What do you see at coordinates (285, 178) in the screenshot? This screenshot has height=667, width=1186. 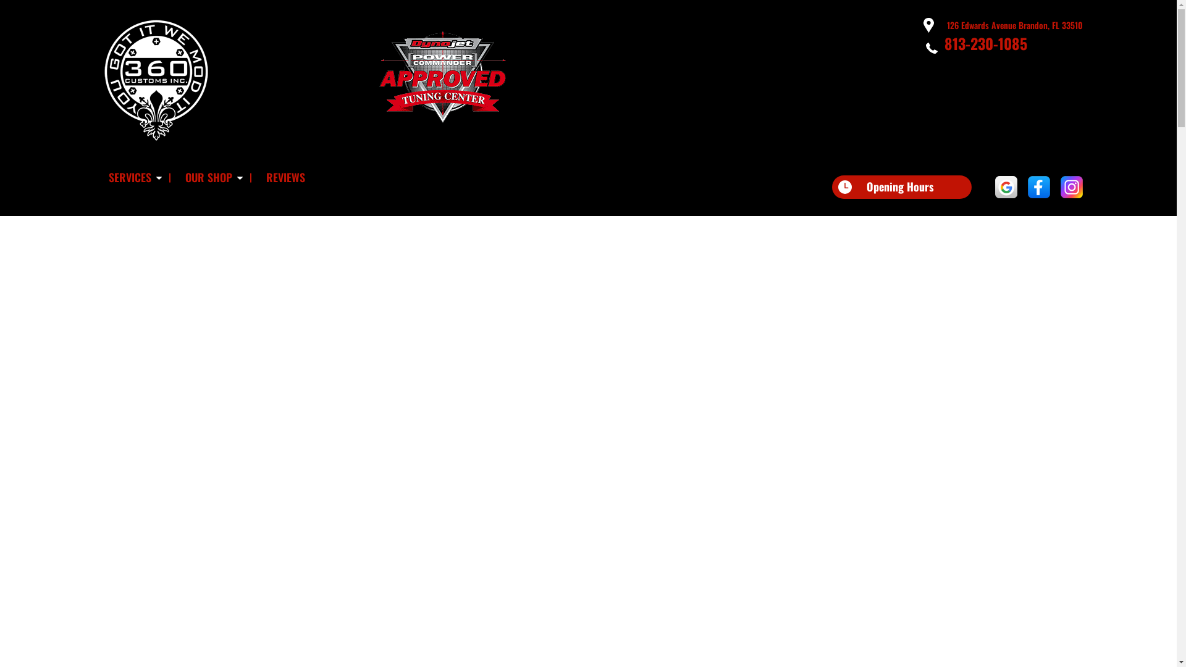 I see `'REVIEWS'` at bounding box center [285, 178].